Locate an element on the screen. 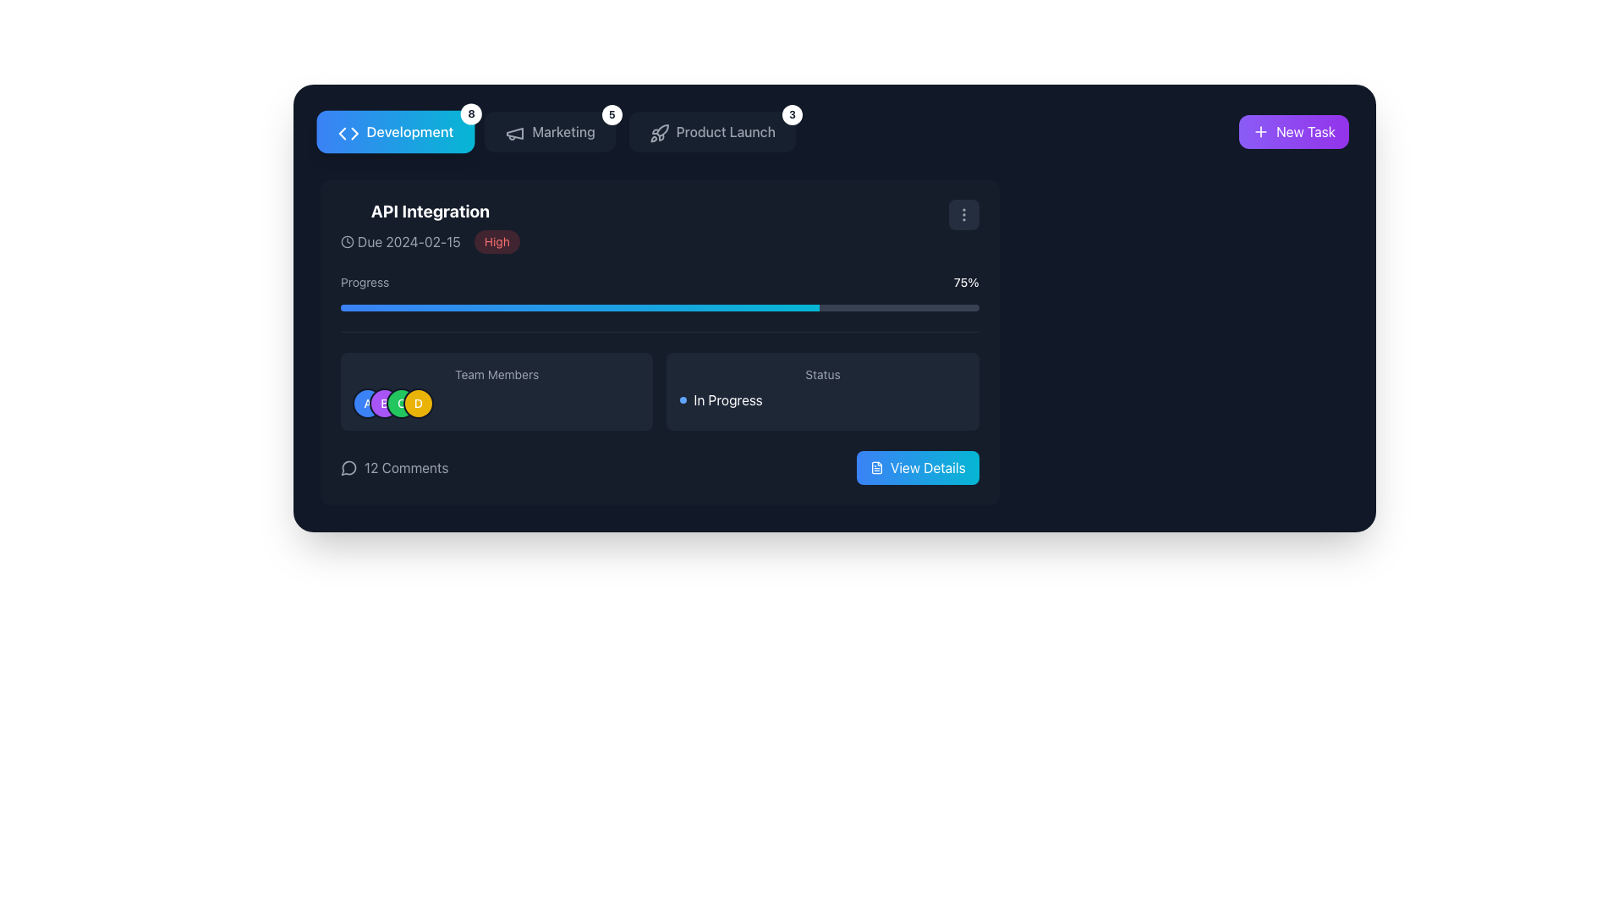  the SVG circle component that represents the clock icon within the card for 'API Integration', located at the top-left region of the card is located at coordinates (347, 241).